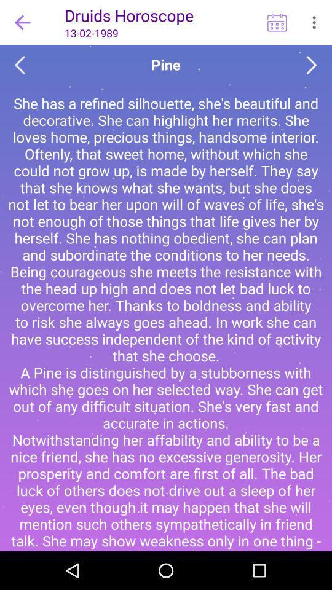  What do you see at coordinates (312, 65) in the screenshot?
I see `the arrow_forward icon` at bounding box center [312, 65].